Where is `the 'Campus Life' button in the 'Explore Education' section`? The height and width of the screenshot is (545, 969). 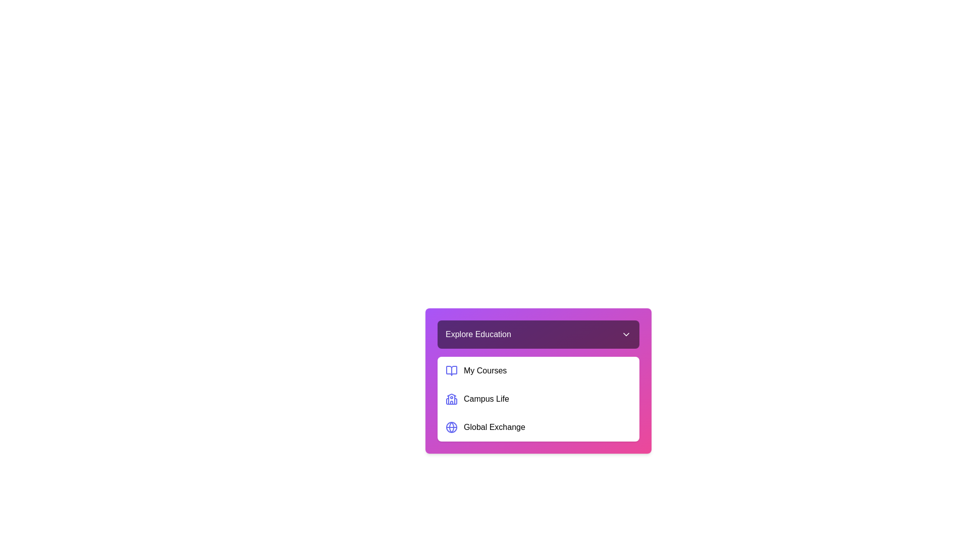 the 'Campus Life' button in the 'Explore Education' section is located at coordinates (537, 398).